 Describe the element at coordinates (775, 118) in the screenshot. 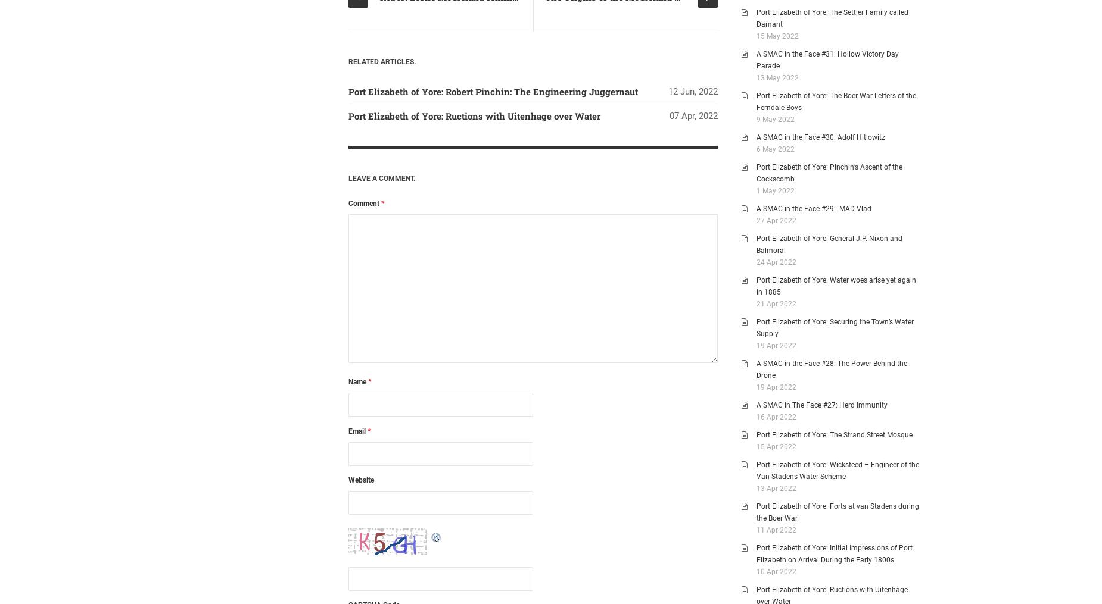

I see `'9 May 2022'` at that location.